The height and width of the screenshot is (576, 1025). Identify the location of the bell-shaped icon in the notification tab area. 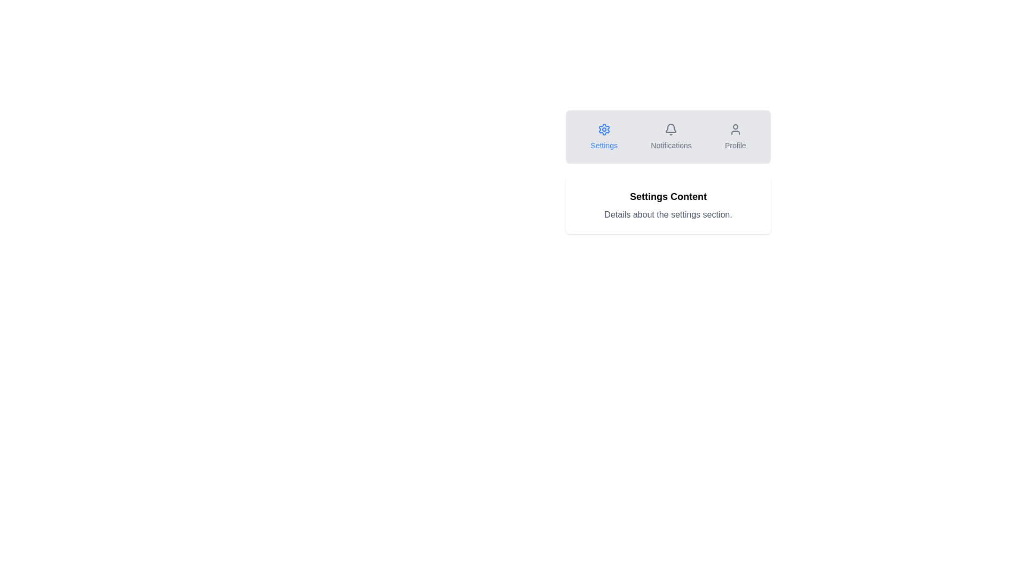
(671, 127).